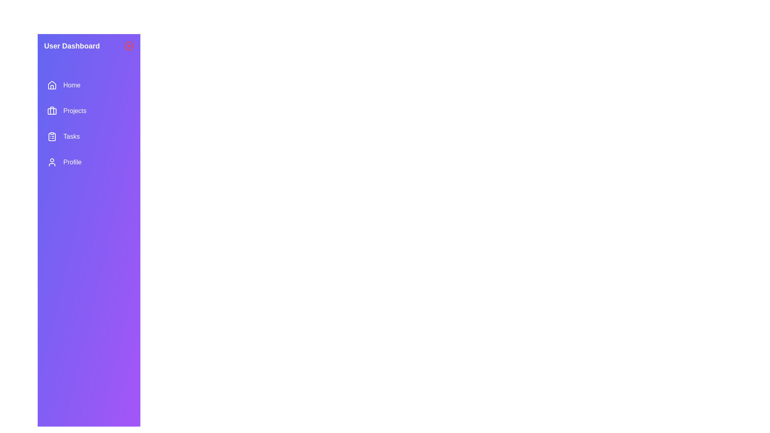 The height and width of the screenshot is (433, 770). Describe the element at coordinates (71, 136) in the screenshot. I see `the 'Tasks' text label in the navigation menu, which is positioned between the 'Projects' and 'Profile' labels, and aligned with the clipboard icon` at that location.